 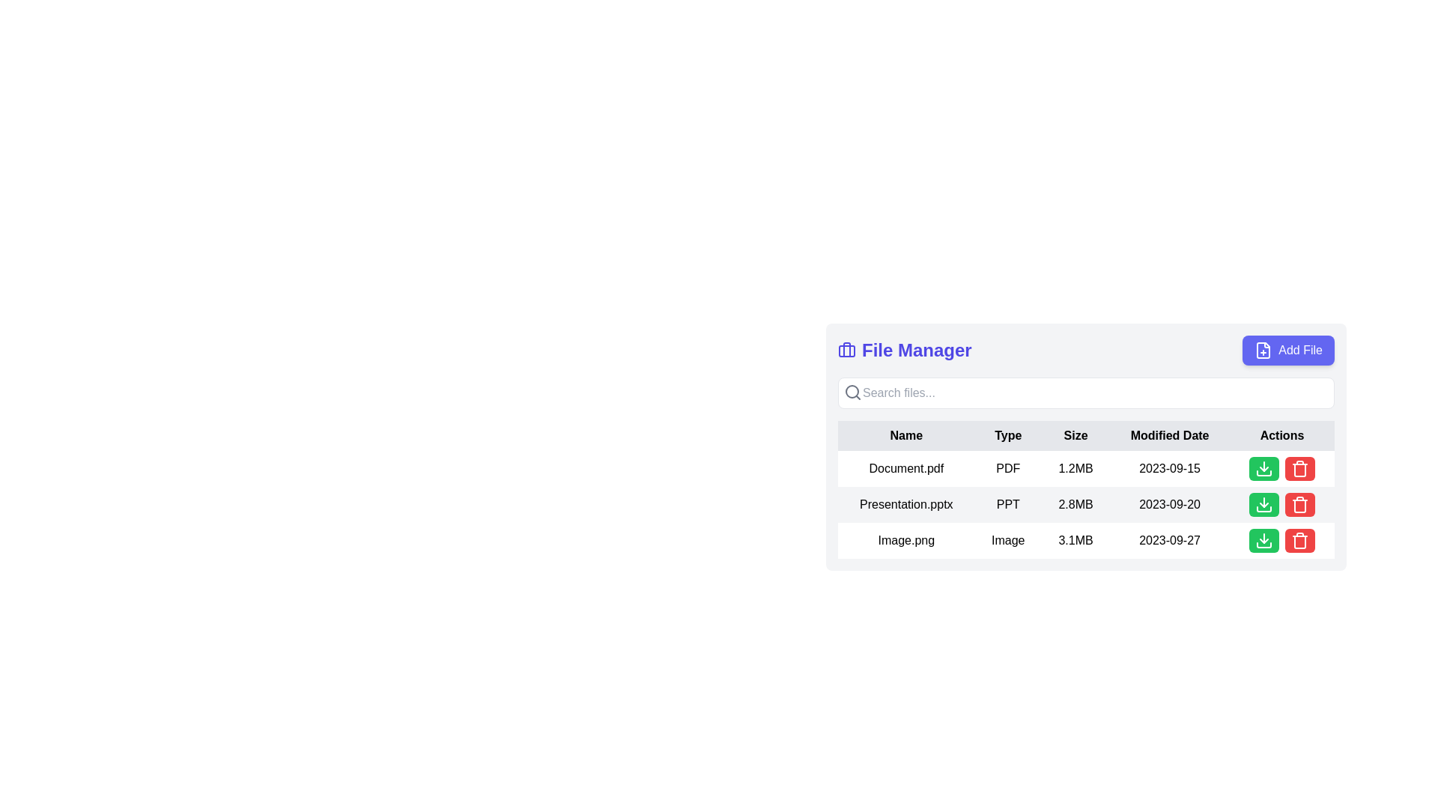 I want to click on the Table Header labeled 'Size' which is the third item in the horizontal list of the table header, styled with bold black text on a light gray background, so click(x=1075, y=436).